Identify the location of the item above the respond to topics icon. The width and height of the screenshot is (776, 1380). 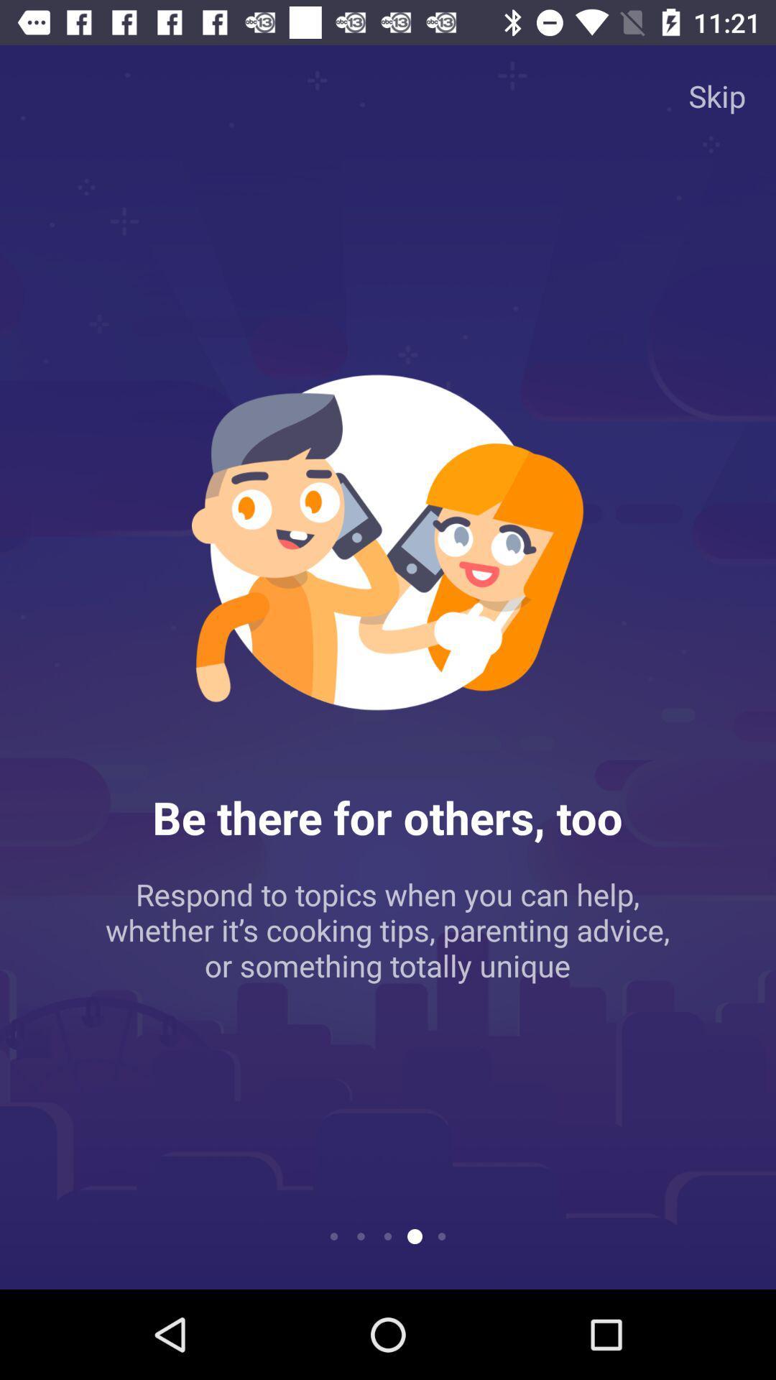
(717, 95).